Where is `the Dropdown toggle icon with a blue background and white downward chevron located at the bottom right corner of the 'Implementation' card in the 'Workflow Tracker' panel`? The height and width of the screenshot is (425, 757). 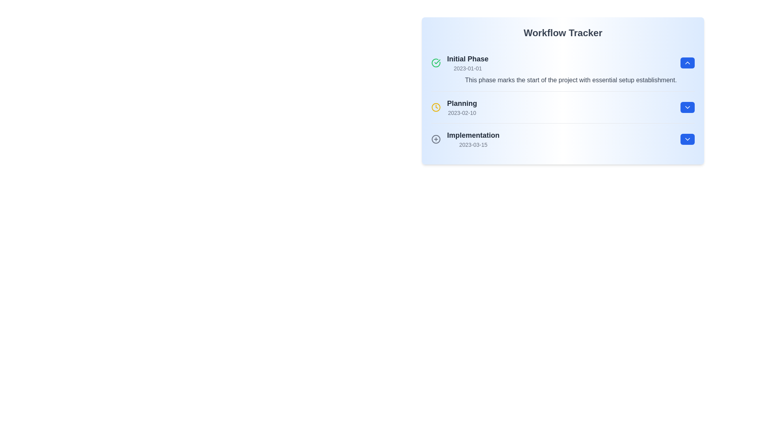
the Dropdown toggle icon with a blue background and white downward chevron located at the bottom right corner of the 'Implementation' card in the 'Workflow Tracker' panel is located at coordinates (687, 139).